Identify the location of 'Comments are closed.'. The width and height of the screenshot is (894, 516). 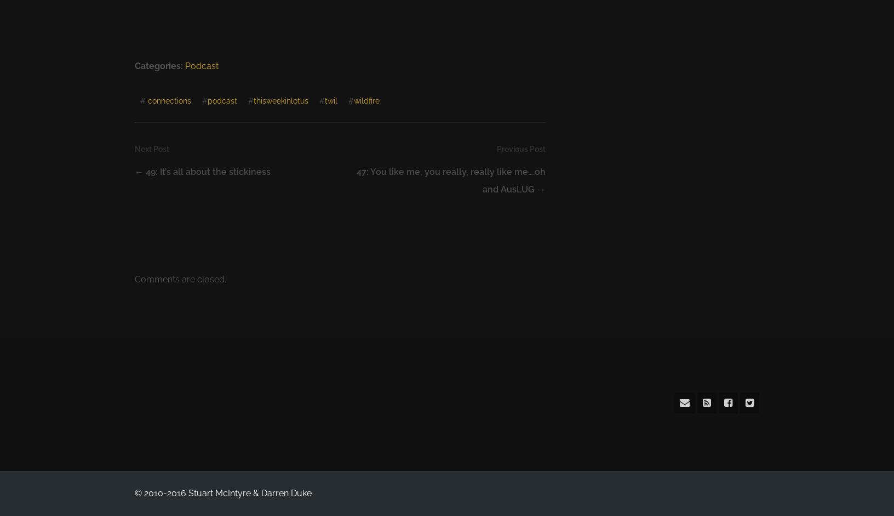
(134, 279).